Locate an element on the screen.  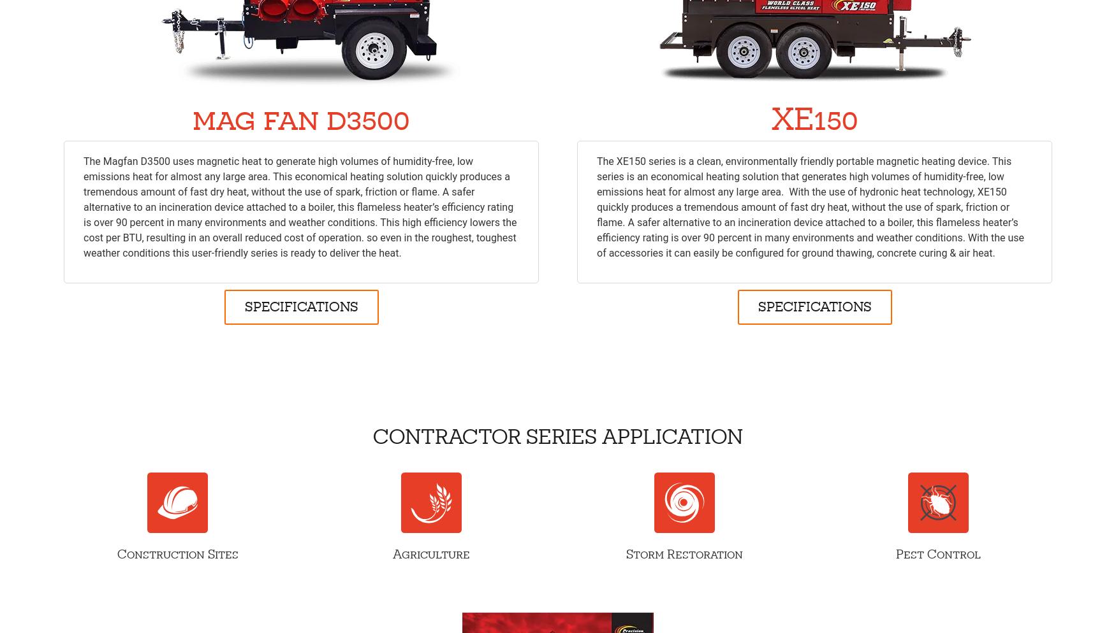
'Storm Restoration' is located at coordinates (684, 554).